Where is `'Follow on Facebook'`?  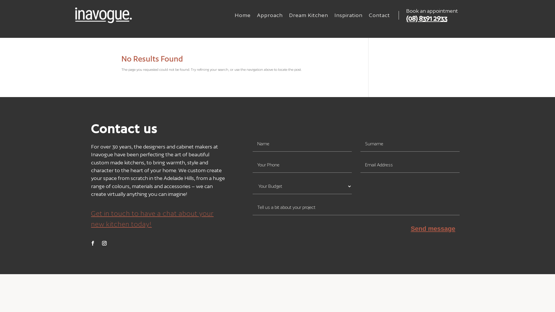
'Follow on Facebook' is located at coordinates (93, 243).